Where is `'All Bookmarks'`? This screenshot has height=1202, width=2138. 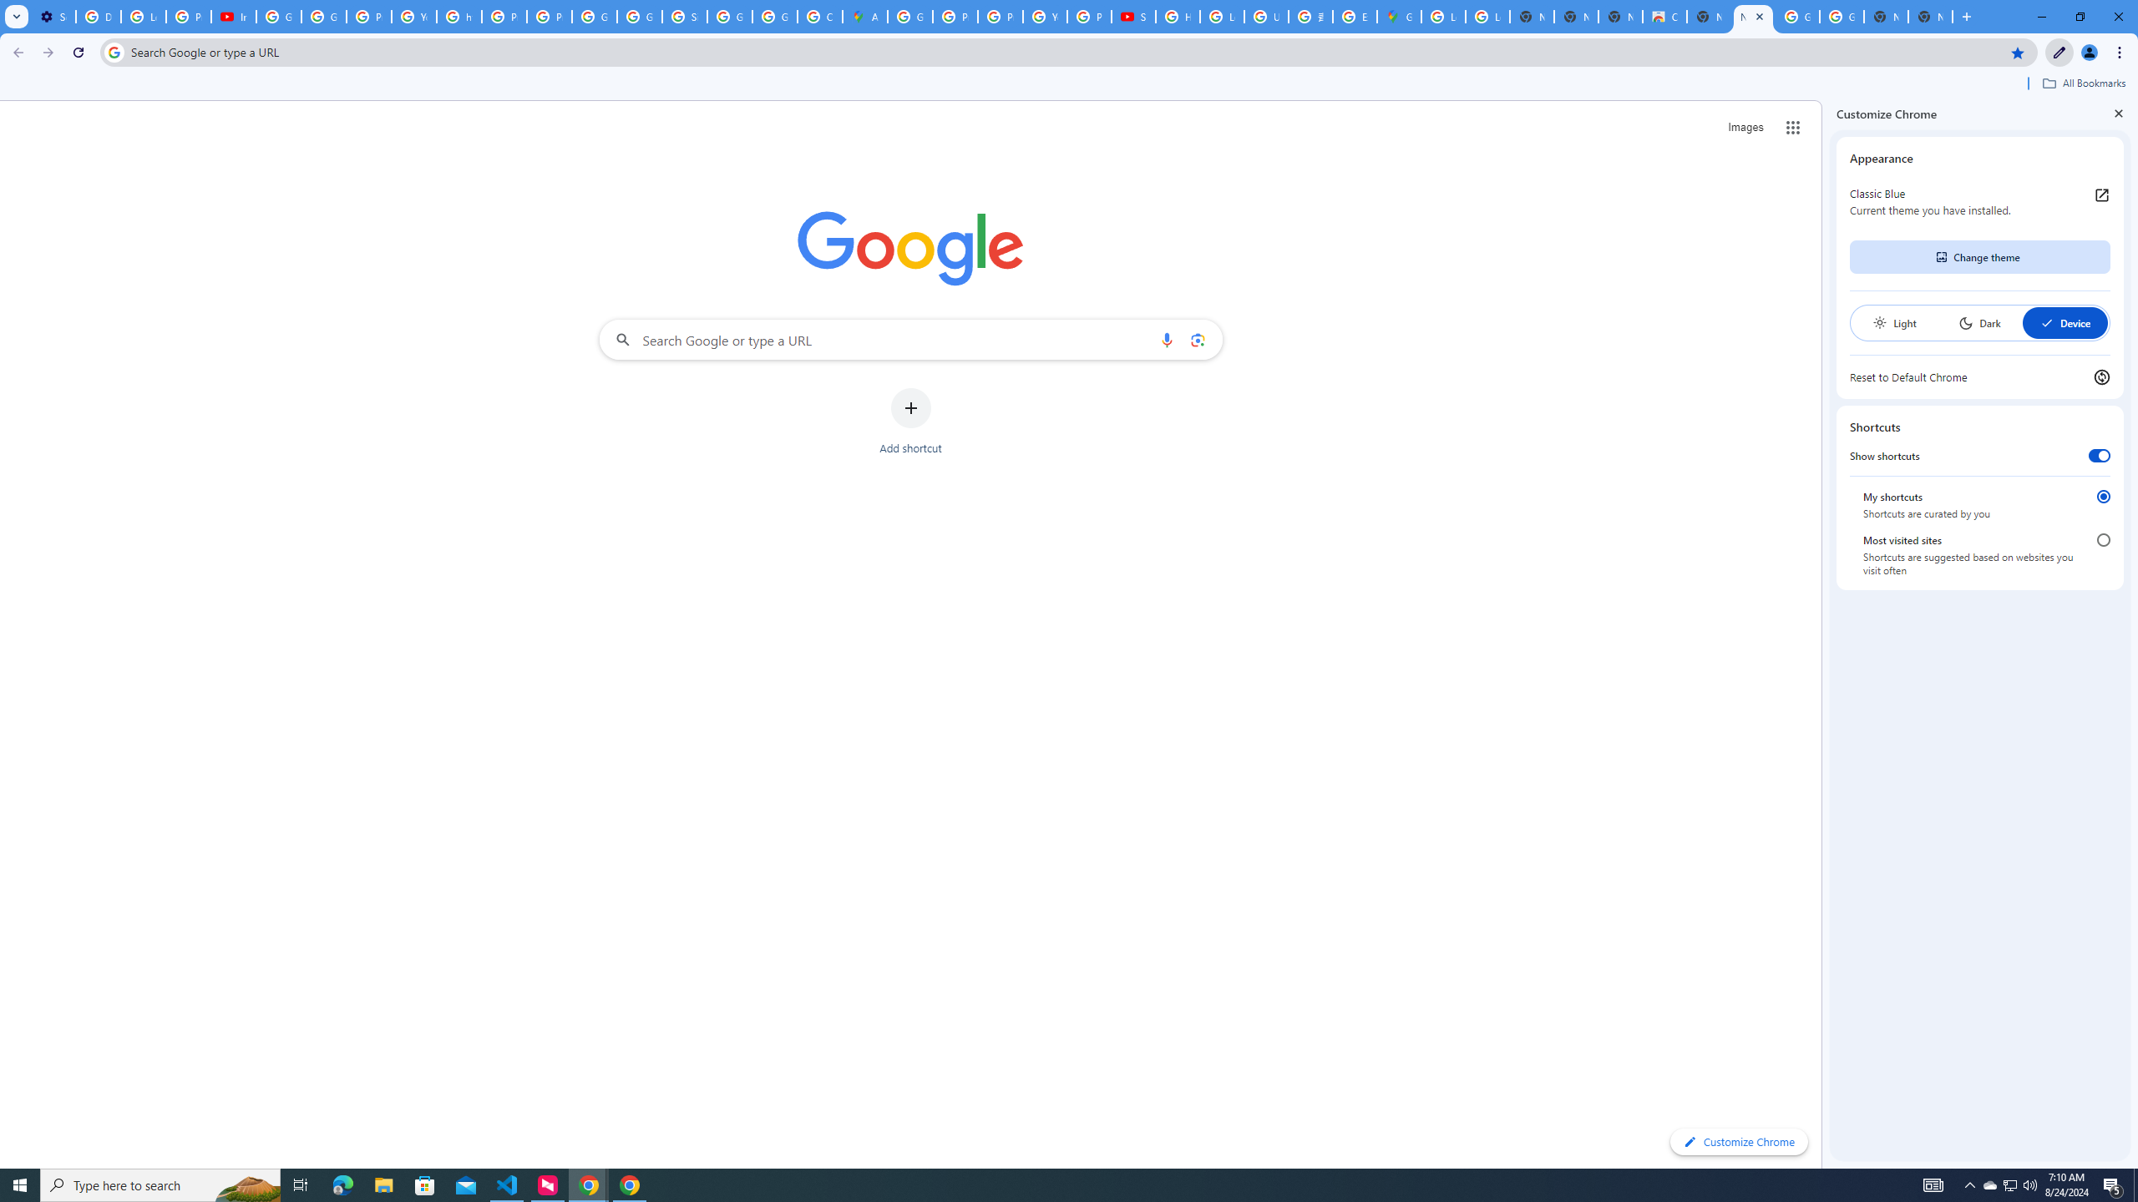 'All Bookmarks' is located at coordinates (2083, 83).